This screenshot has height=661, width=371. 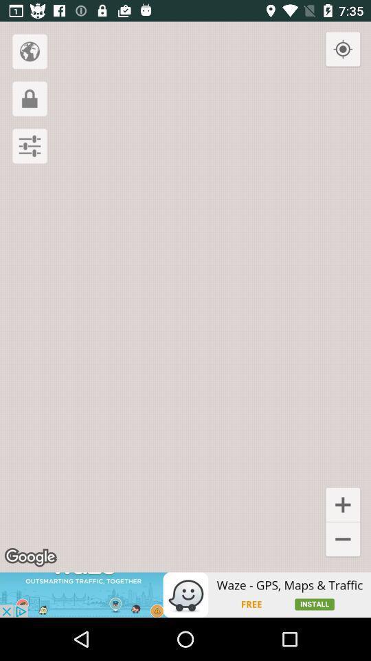 I want to click on advertisement, so click(x=185, y=594).